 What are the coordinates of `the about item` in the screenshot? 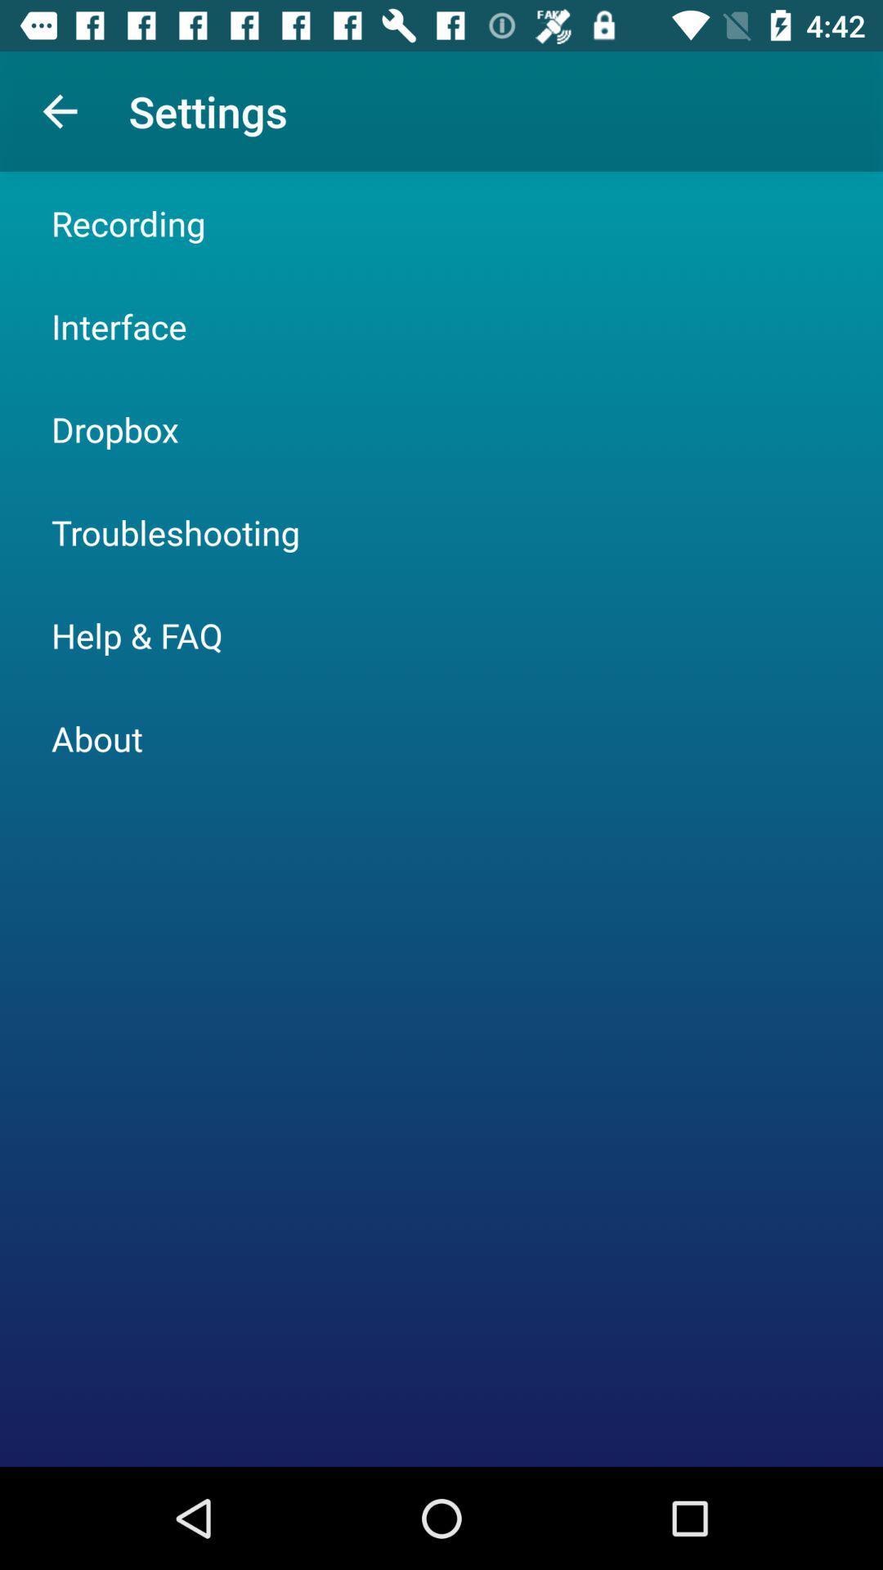 It's located at (96, 737).